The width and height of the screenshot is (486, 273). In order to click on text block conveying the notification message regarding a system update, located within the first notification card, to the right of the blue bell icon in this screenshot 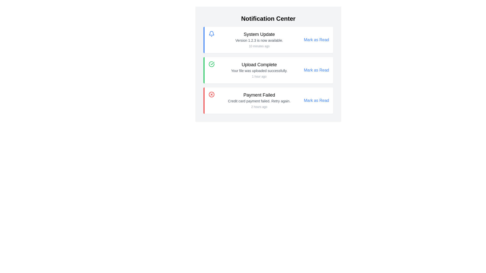, I will do `click(259, 40)`.